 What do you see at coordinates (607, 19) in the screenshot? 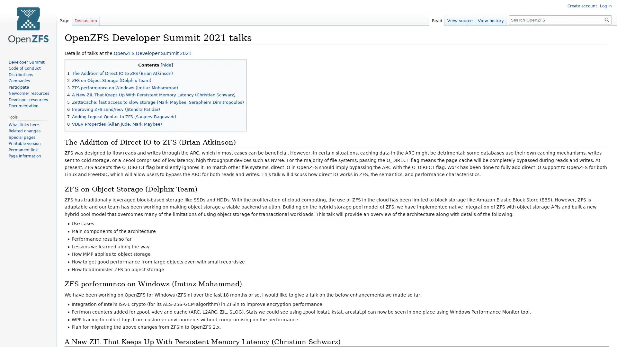
I see `Search` at bounding box center [607, 19].